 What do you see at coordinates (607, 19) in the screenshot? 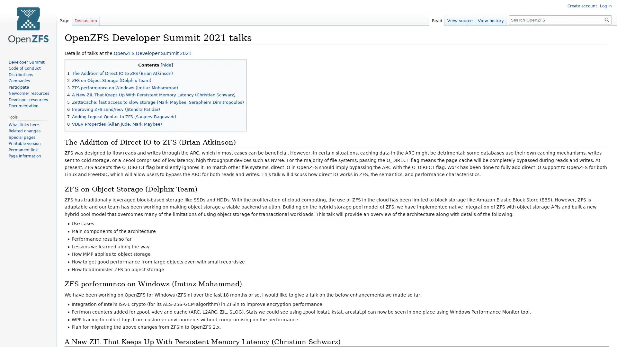
I see `Search` at bounding box center [607, 19].